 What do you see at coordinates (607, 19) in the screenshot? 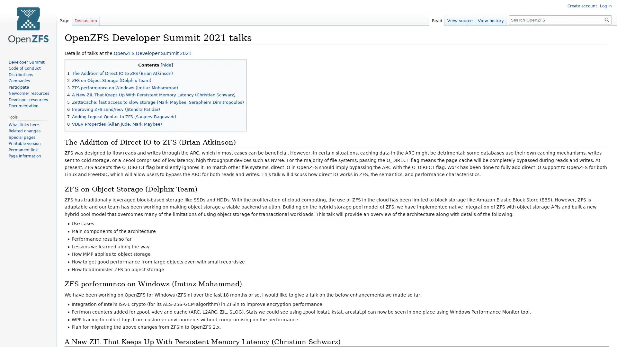
I see `Search` at bounding box center [607, 19].